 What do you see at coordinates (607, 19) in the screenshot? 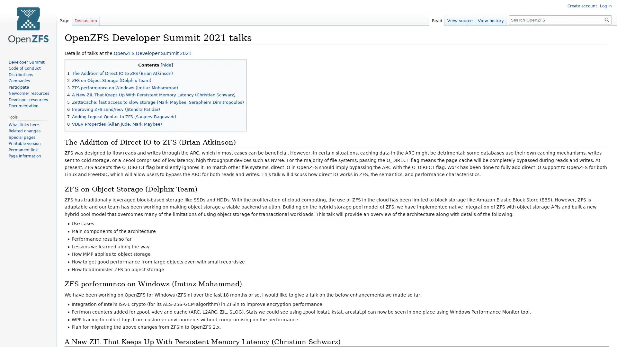
I see `Search` at bounding box center [607, 19].